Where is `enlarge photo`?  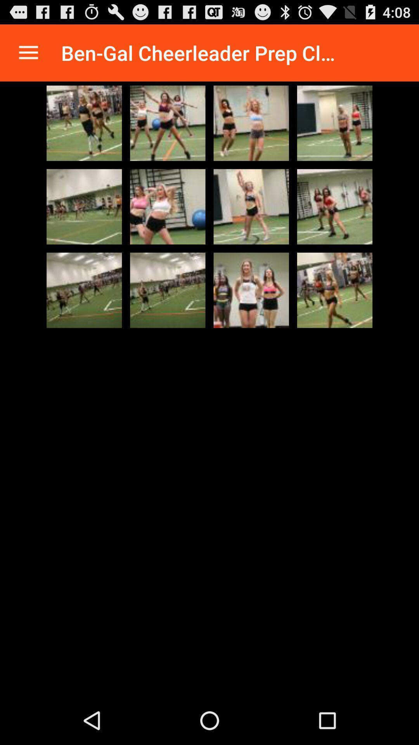
enlarge photo is located at coordinates (251, 123).